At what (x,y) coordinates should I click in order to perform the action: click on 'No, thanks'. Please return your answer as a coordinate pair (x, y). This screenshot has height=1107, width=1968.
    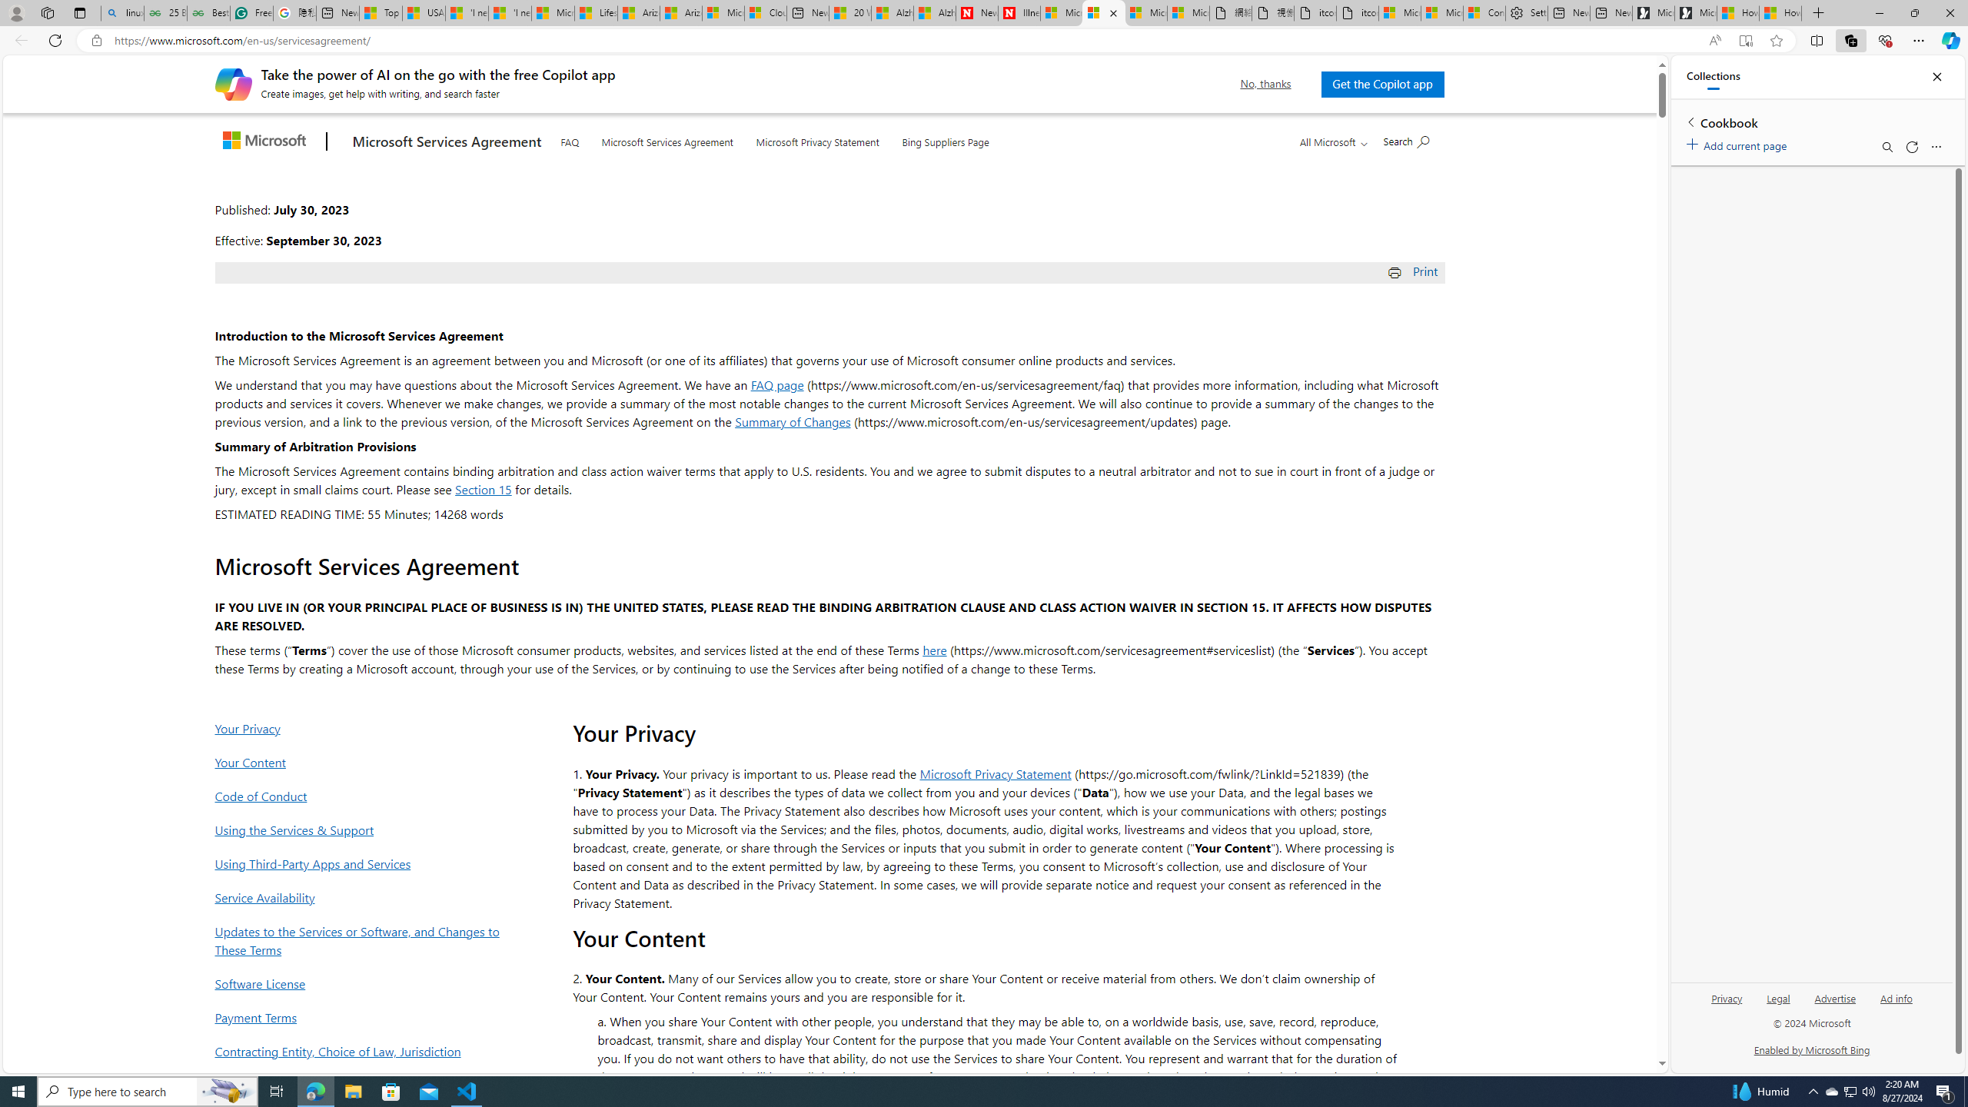
    Looking at the image, I should click on (1265, 83).